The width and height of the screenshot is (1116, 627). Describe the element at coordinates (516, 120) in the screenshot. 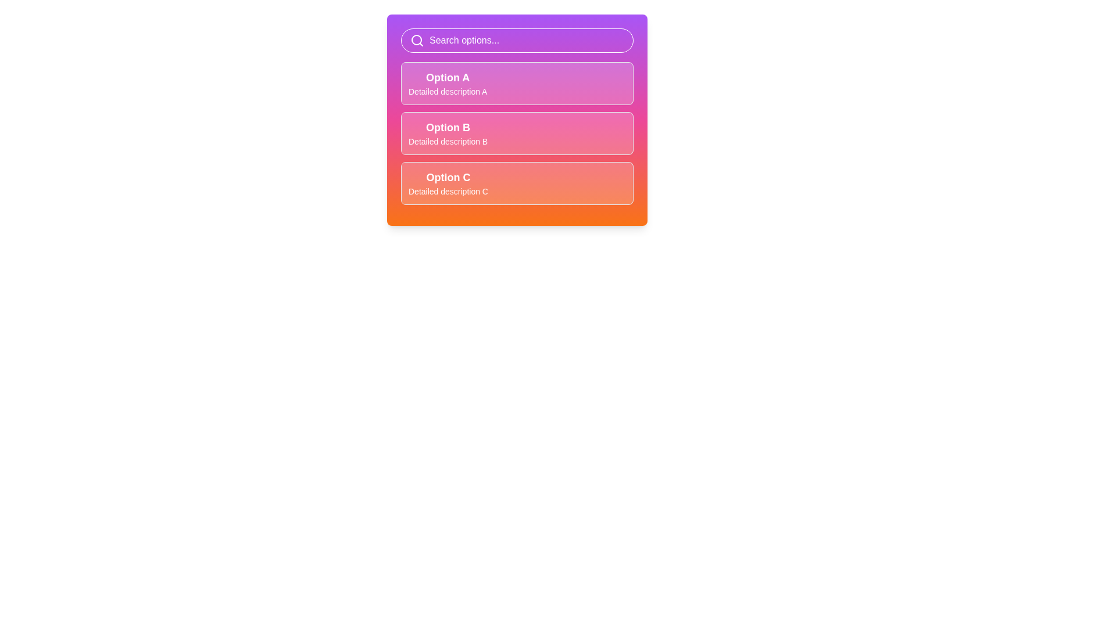

I see `the button labeled 'Option B' with a gradient background transitioning from purple to orange` at that location.